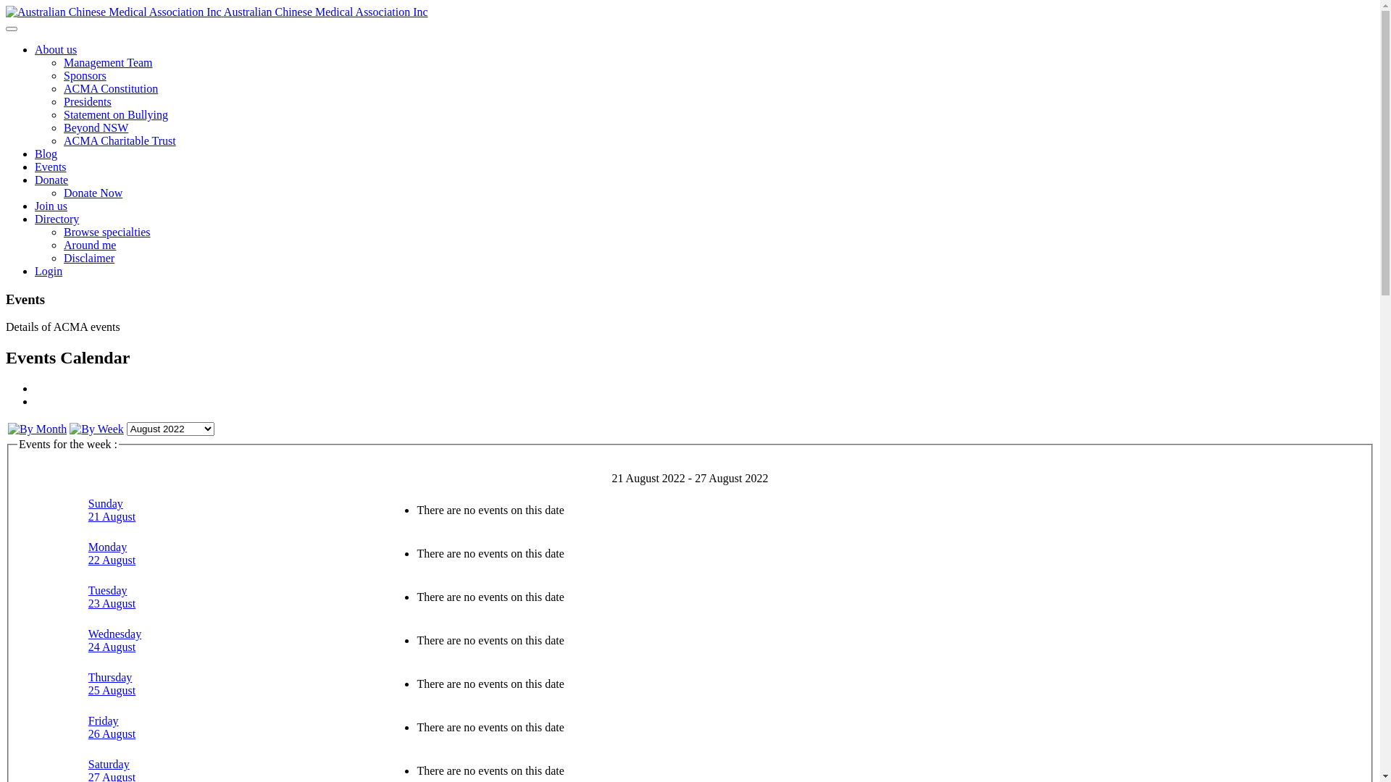 The height and width of the screenshot is (782, 1391). Describe the element at coordinates (51, 206) in the screenshot. I see `'Join us'` at that location.